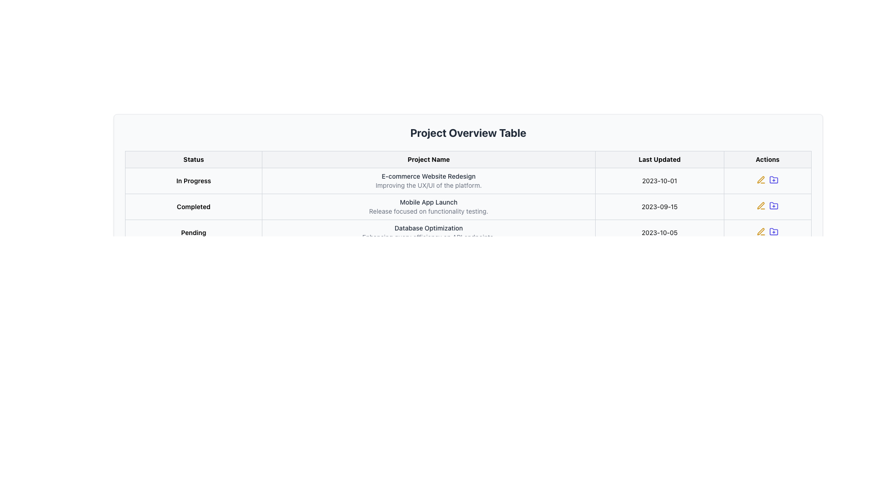 This screenshot has height=491, width=873. Describe the element at coordinates (468, 180) in the screenshot. I see `the first row of the table which contains 'In Progress' with a blue background, 'E-commerce Website Redesign' in bold, and the date '2023-10-01' to change its background` at that location.